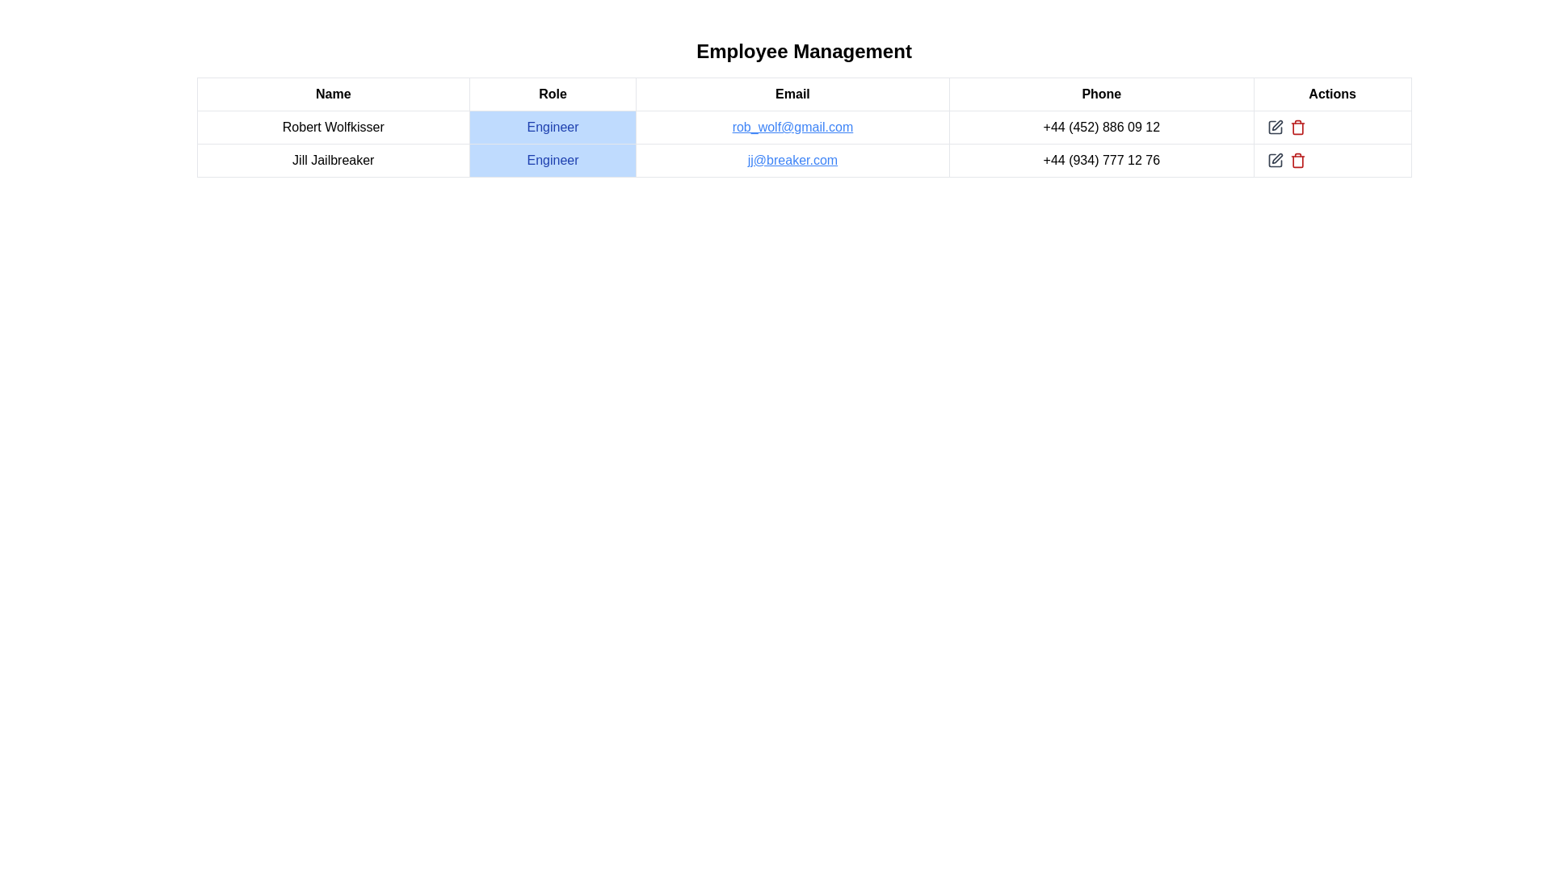 The image size is (1551, 872). Describe the element at coordinates (792, 161) in the screenshot. I see `the blue underlined email address 'jj@breaker.com' in the second row under the 'Email' column to initiate a mailto action` at that location.